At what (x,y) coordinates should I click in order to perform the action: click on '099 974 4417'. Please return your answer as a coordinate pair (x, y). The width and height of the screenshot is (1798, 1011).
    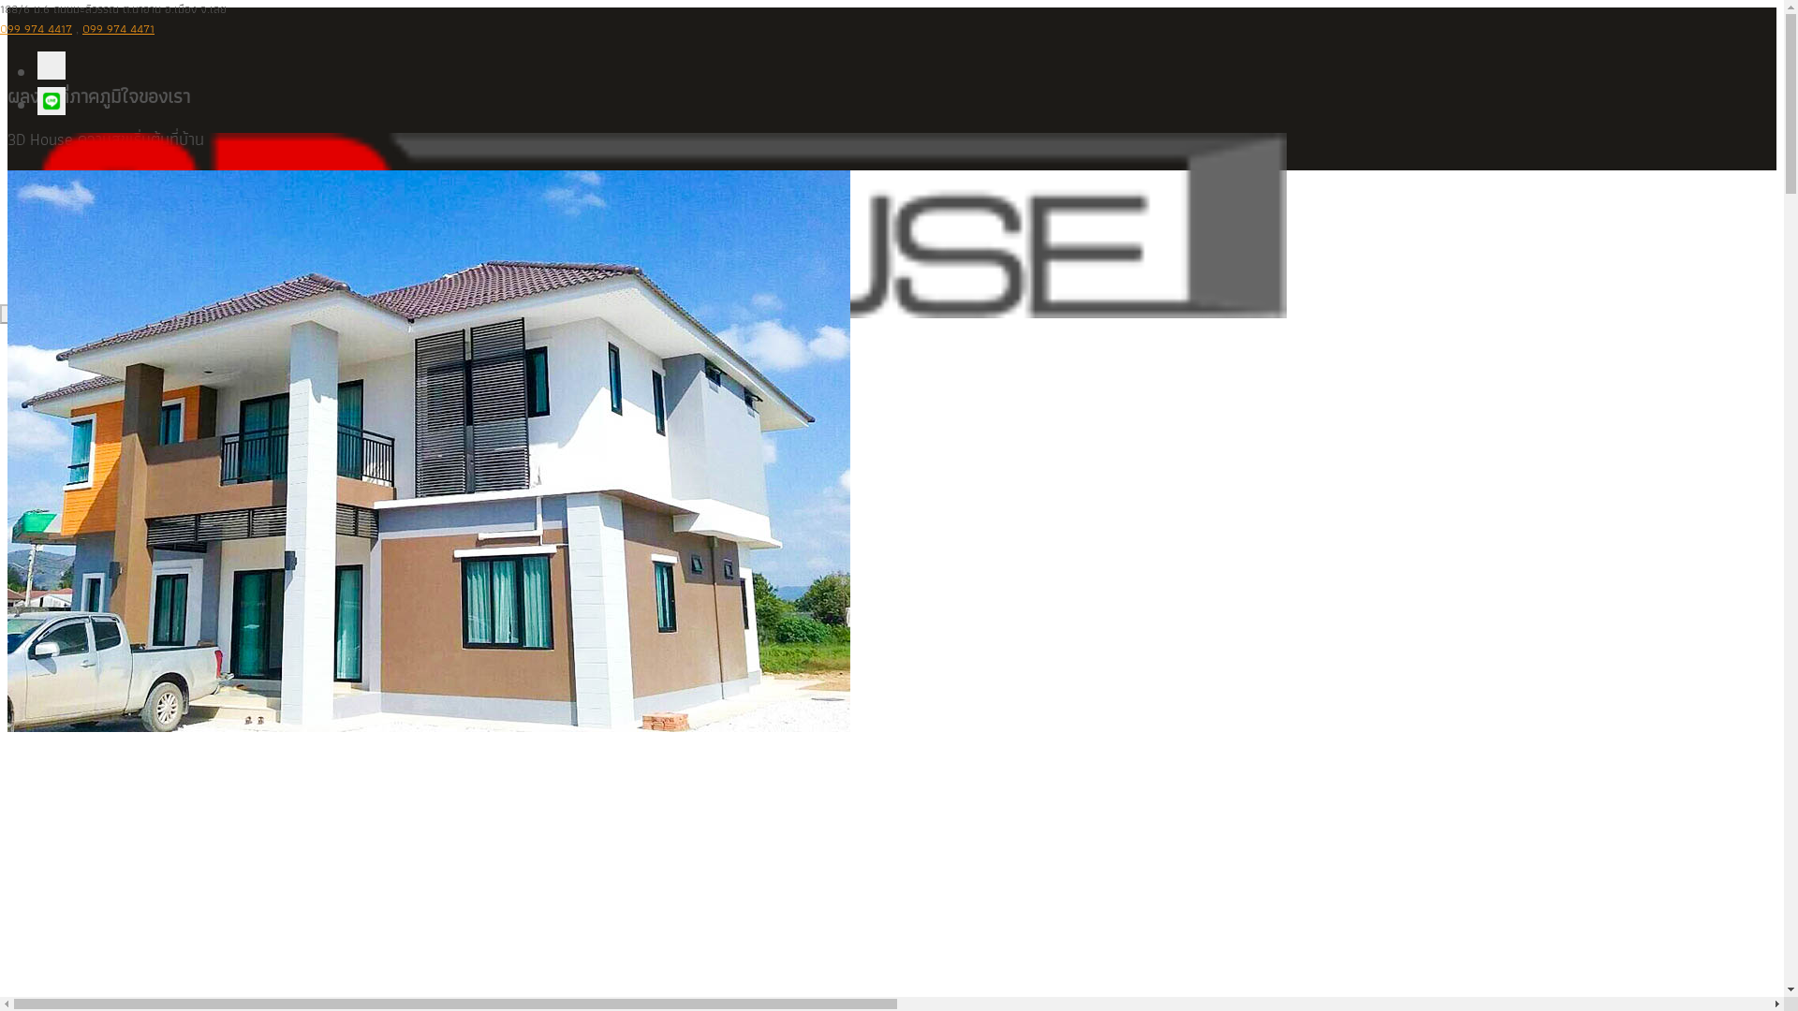
    Looking at the image, I should click on (36, 28).